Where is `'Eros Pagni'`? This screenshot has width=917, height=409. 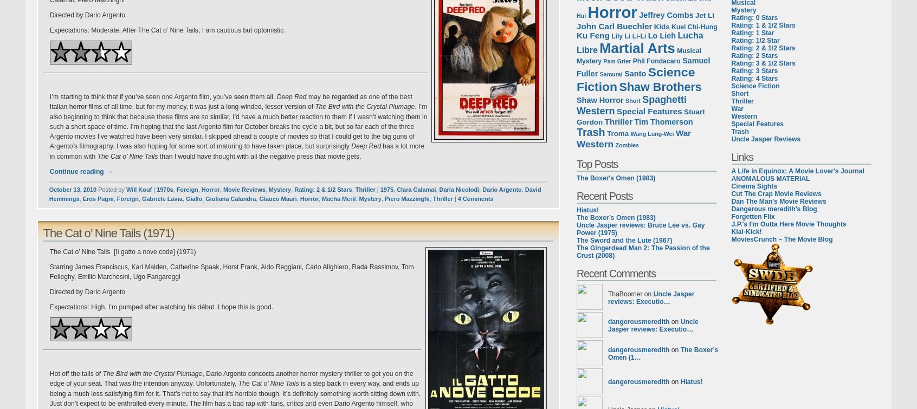 'Eros Pagni' is located at coordinates (97, 198).